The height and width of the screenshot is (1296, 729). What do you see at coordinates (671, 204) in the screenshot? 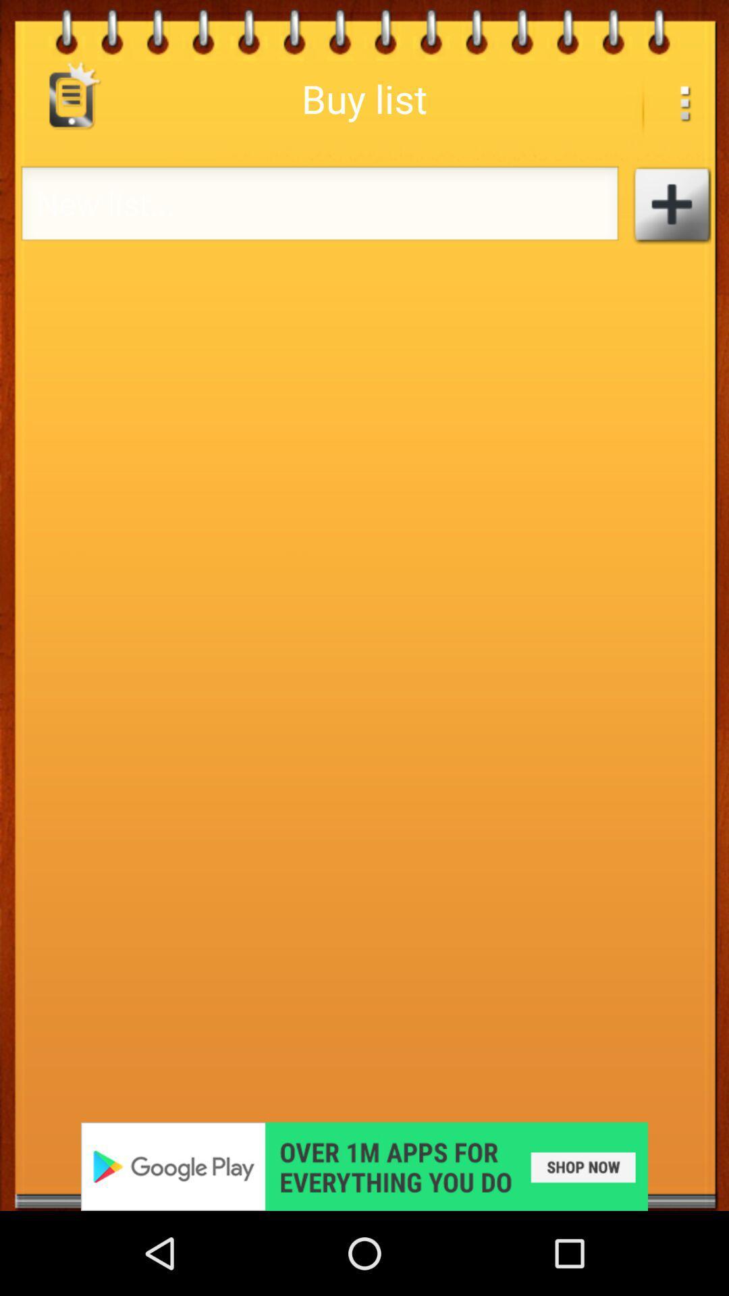
I see `item to buy list` at bounding box center [671, 204].